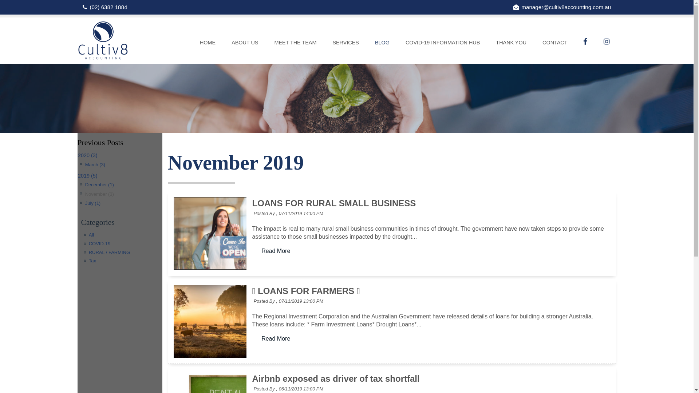  Describe the element at coordinates (245, 43) in the screenshot. I see `'ABOUT US'` at that location.